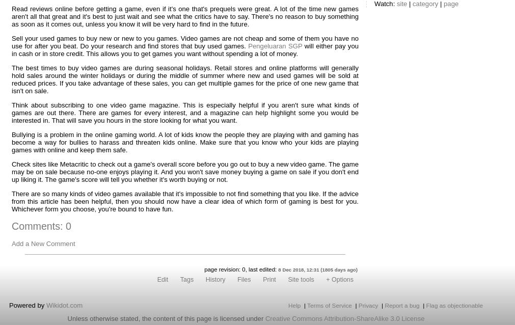 This screenshot has height=325, width=515. I want to click on 'Privacy', so click(367, 305).